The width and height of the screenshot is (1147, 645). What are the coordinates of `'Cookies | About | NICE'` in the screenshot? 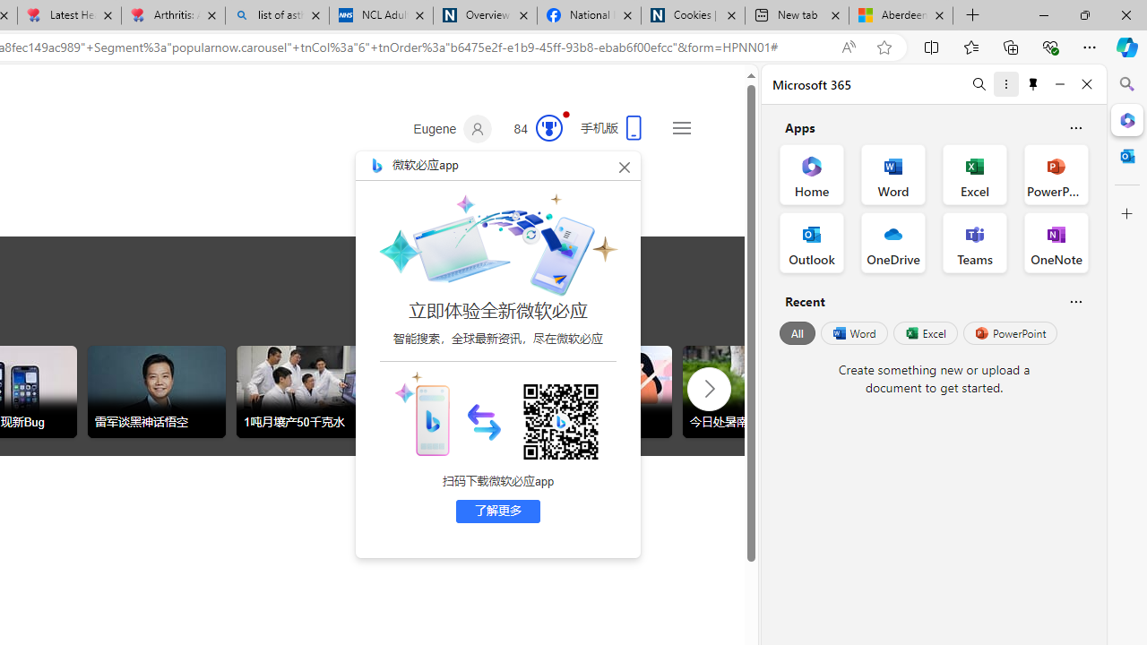 It's located at (692, 15).